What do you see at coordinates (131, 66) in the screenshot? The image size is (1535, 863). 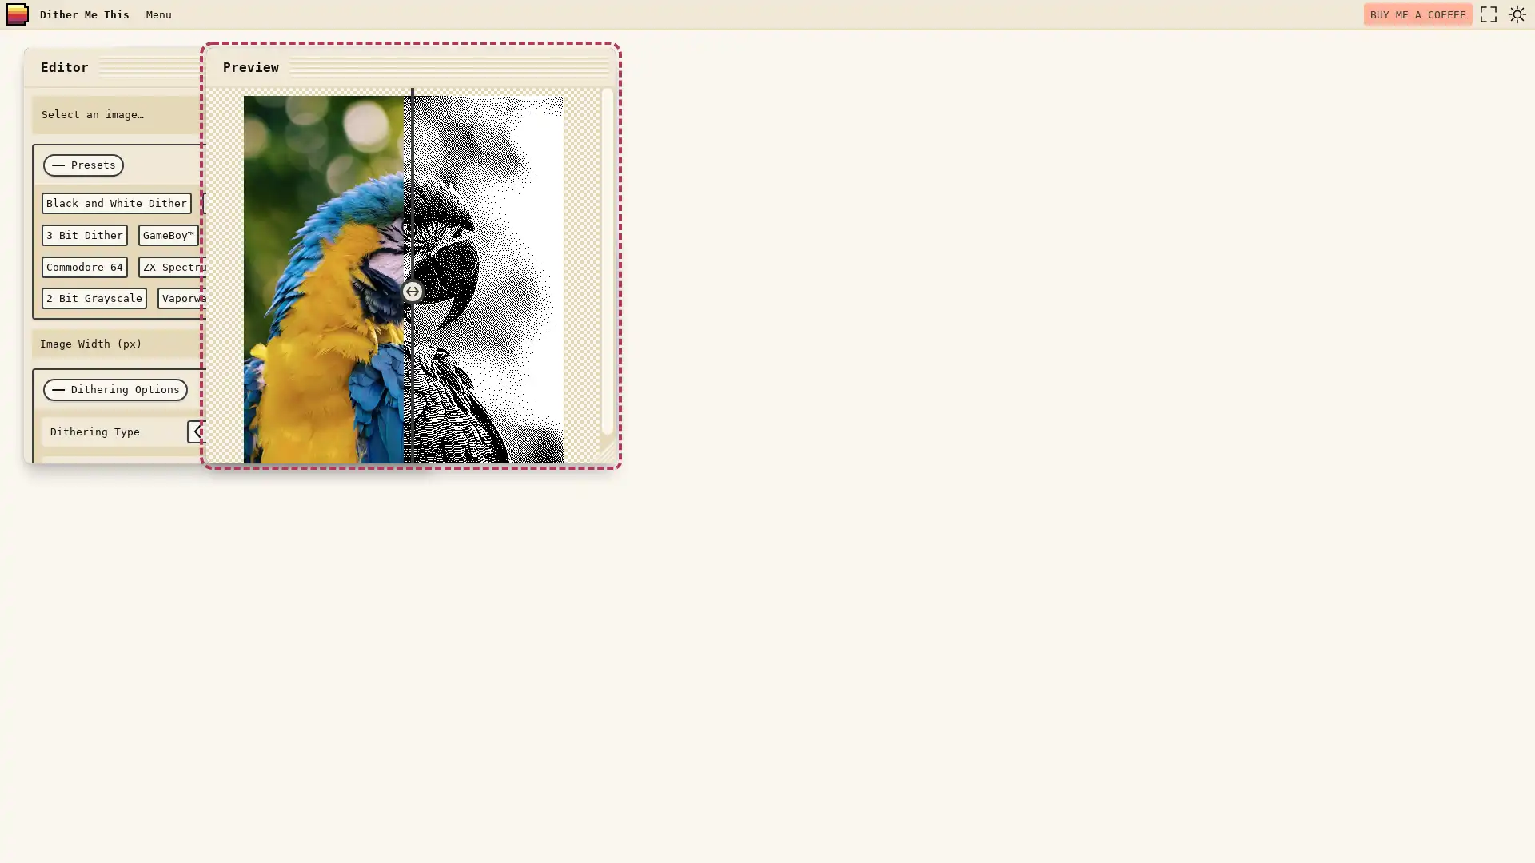 I see `close window` at bounding box center [131, 66].